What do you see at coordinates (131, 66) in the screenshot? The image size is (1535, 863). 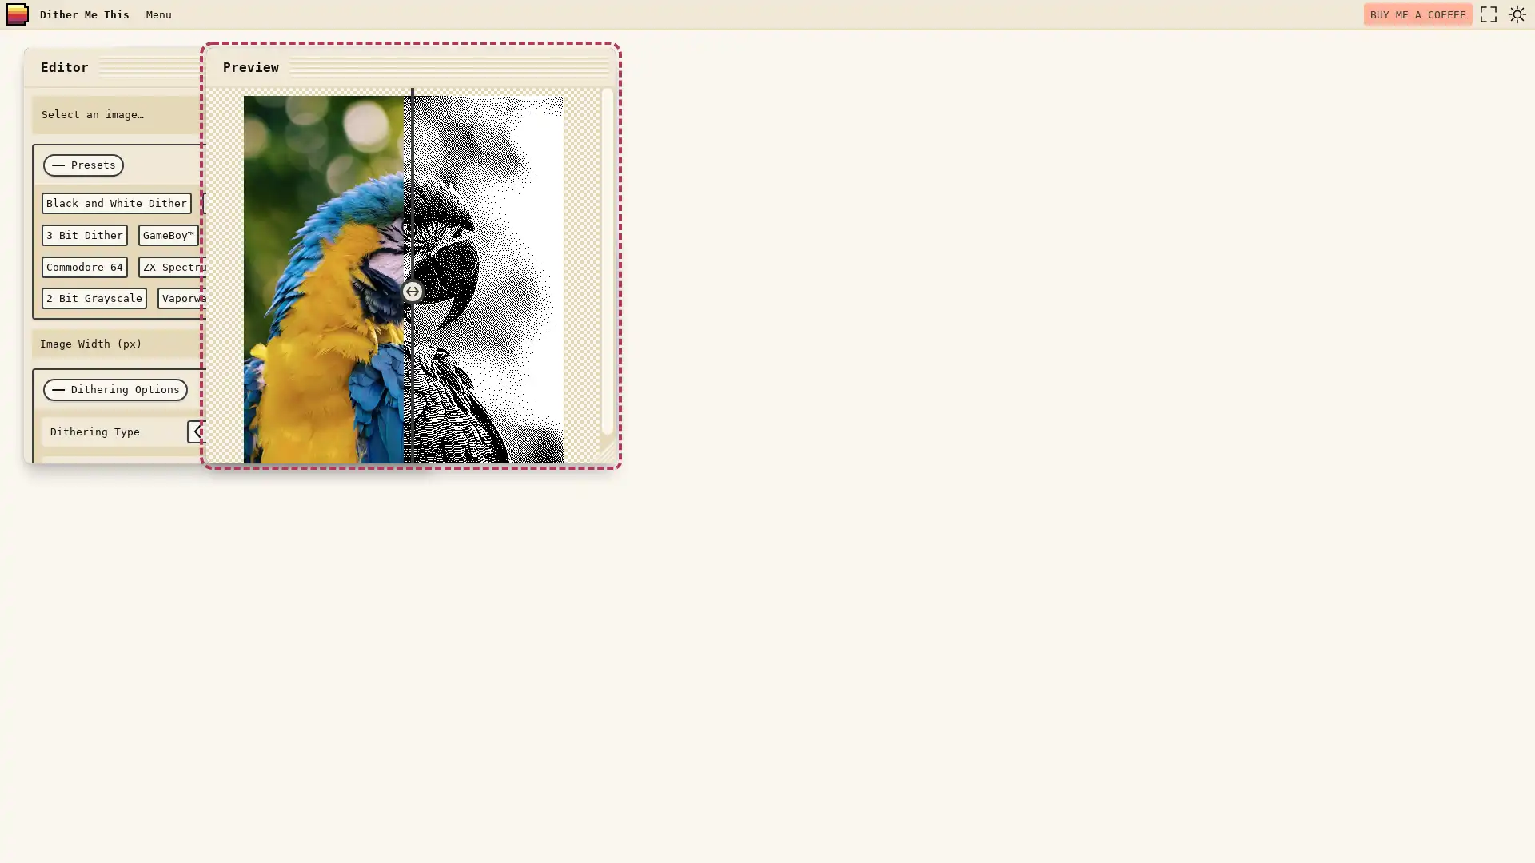 I see `close window` at bounding box center [131, 66].